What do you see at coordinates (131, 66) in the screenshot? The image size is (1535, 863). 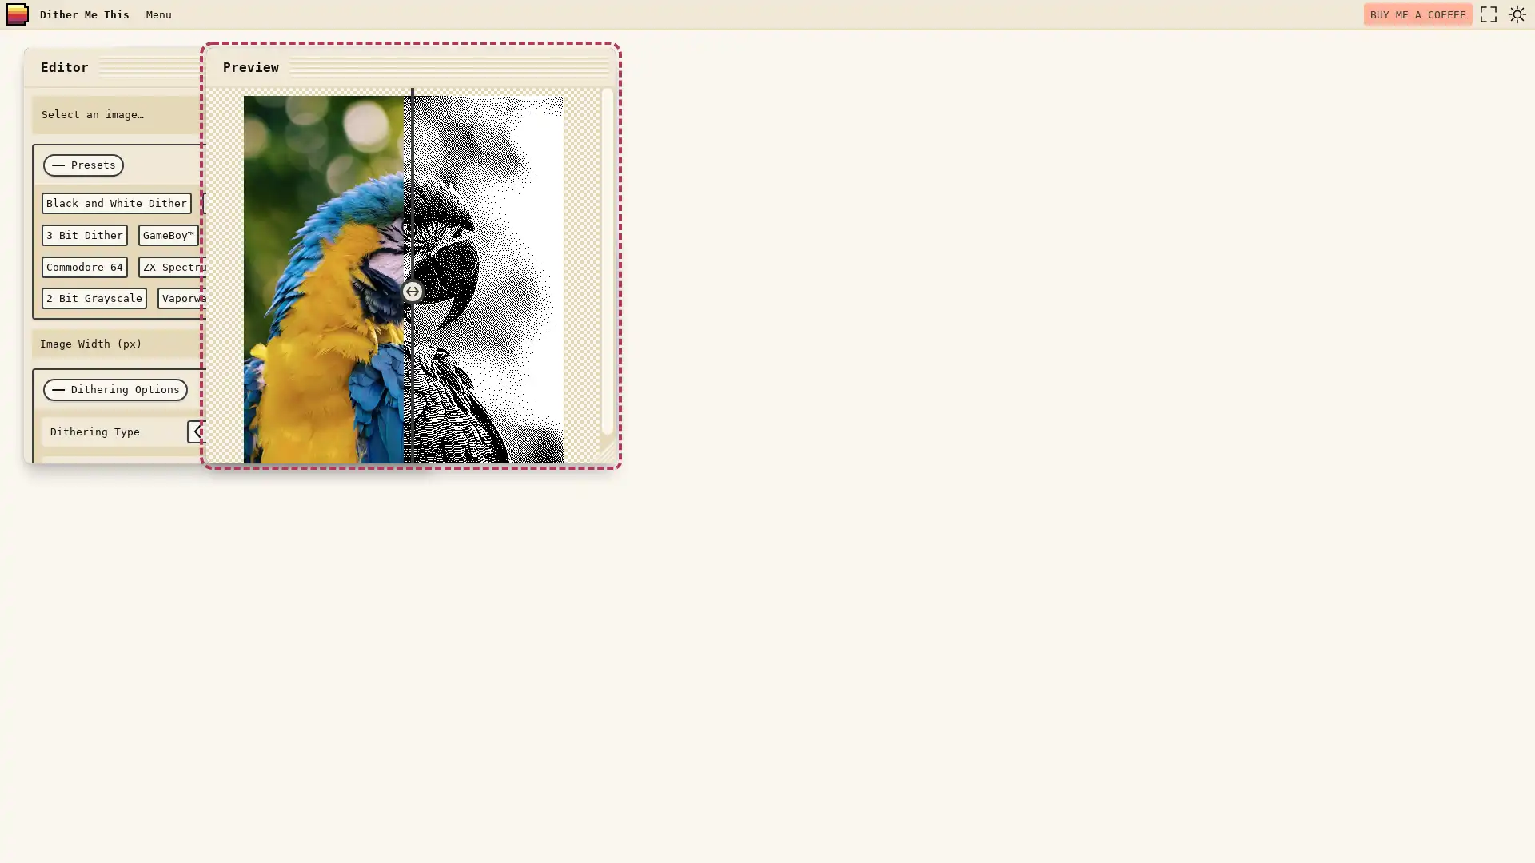 I see `close window` at bounding box center [131, 66].